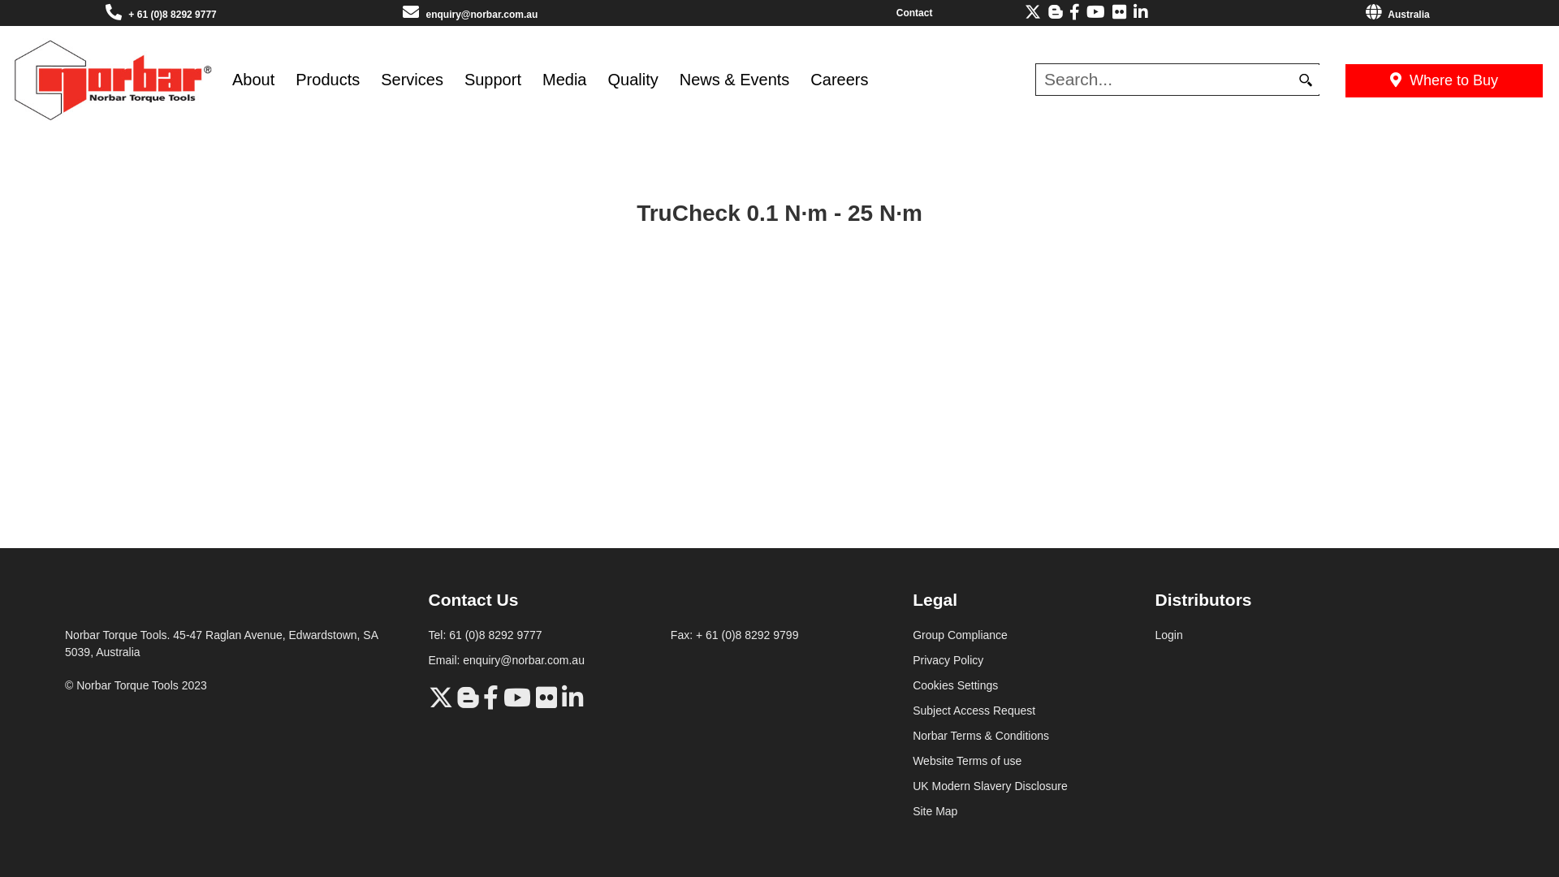  Describe the element at coordinates (989, 785) in the screenshot. I see `'UK Modern Slavery Disclosure'` at that location.